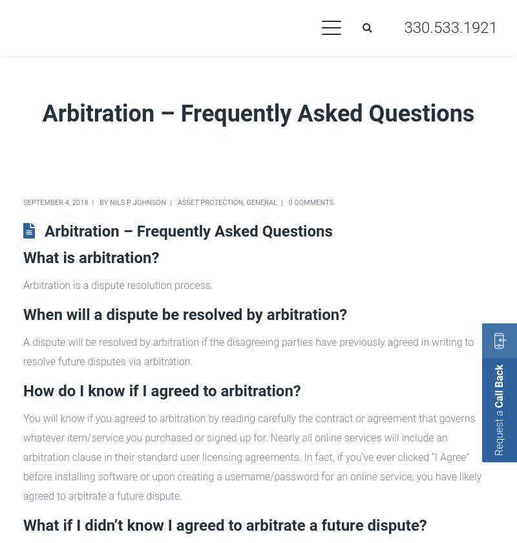  What do you see at coordinates (138, 202) in the screenshot?
I see `'Nils P Johnson'` at bounding box center [138, 202].